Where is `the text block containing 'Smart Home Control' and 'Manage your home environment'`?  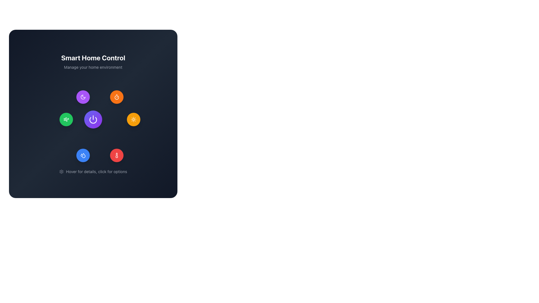 the text block containing 'Smart Home Control' and 'Manage your home environment' is located at coordinates (93, 61).